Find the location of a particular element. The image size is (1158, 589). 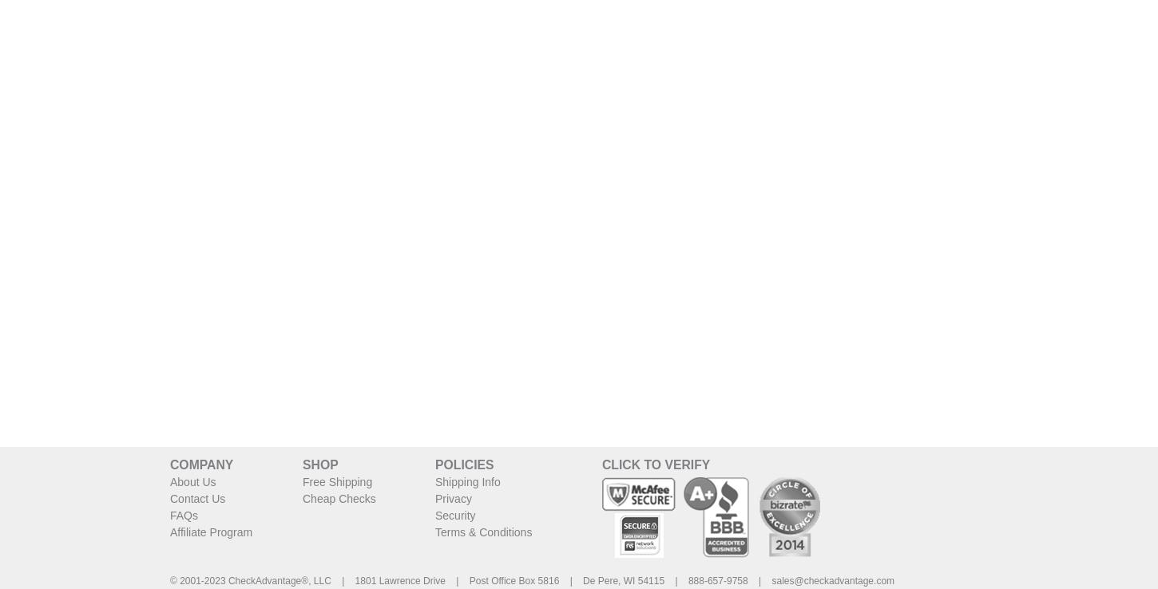

'Shipping Info' is located at coordinates (467, 480).